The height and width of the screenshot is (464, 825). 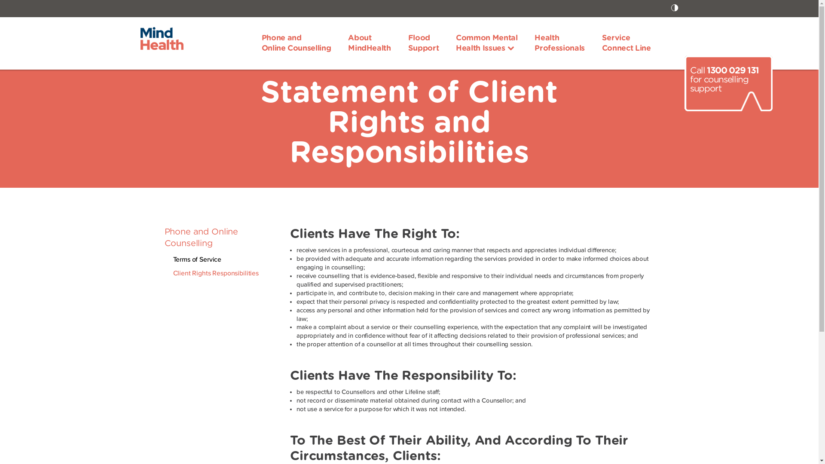 What do you see at coordinates (674, 8) in the screenshot?
I see `'Toggle High Contrast icon'` at bounding box center [674, 8].